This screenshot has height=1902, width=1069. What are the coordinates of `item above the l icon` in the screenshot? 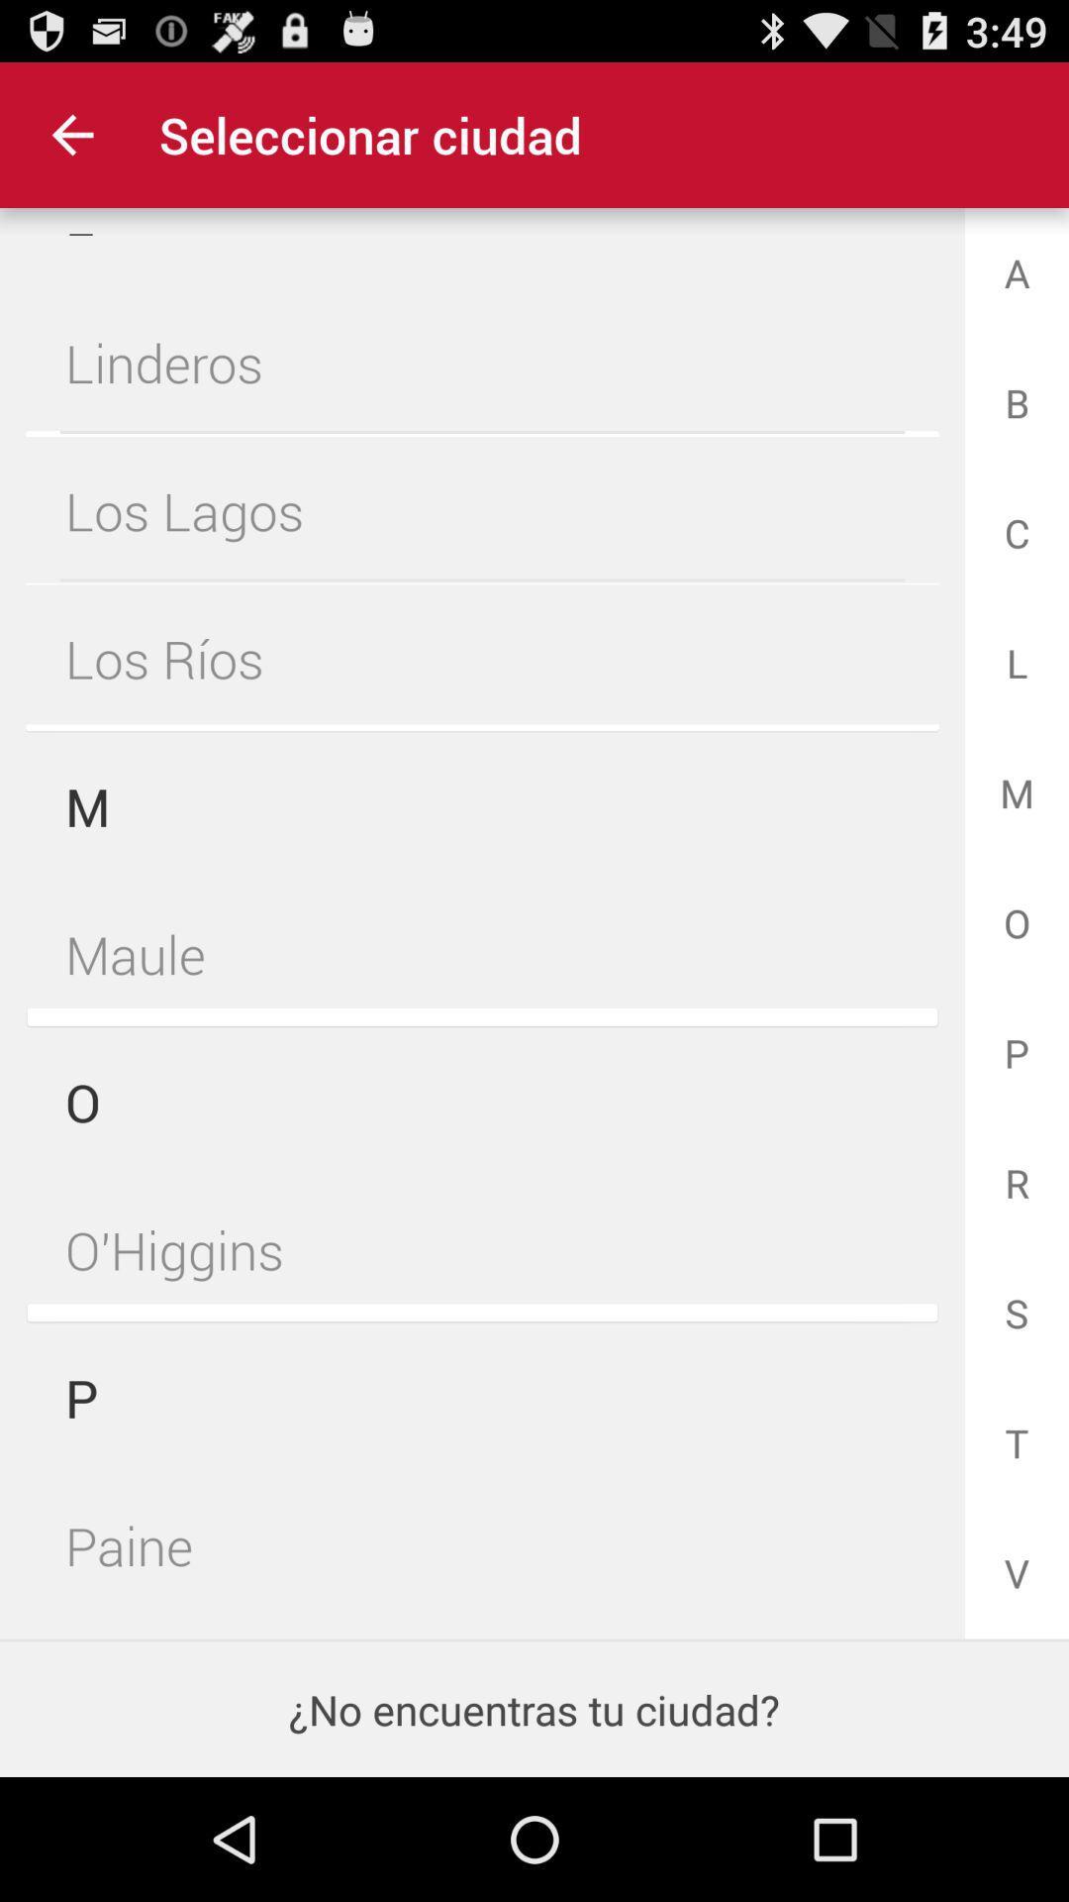 It's located at (71, 134).